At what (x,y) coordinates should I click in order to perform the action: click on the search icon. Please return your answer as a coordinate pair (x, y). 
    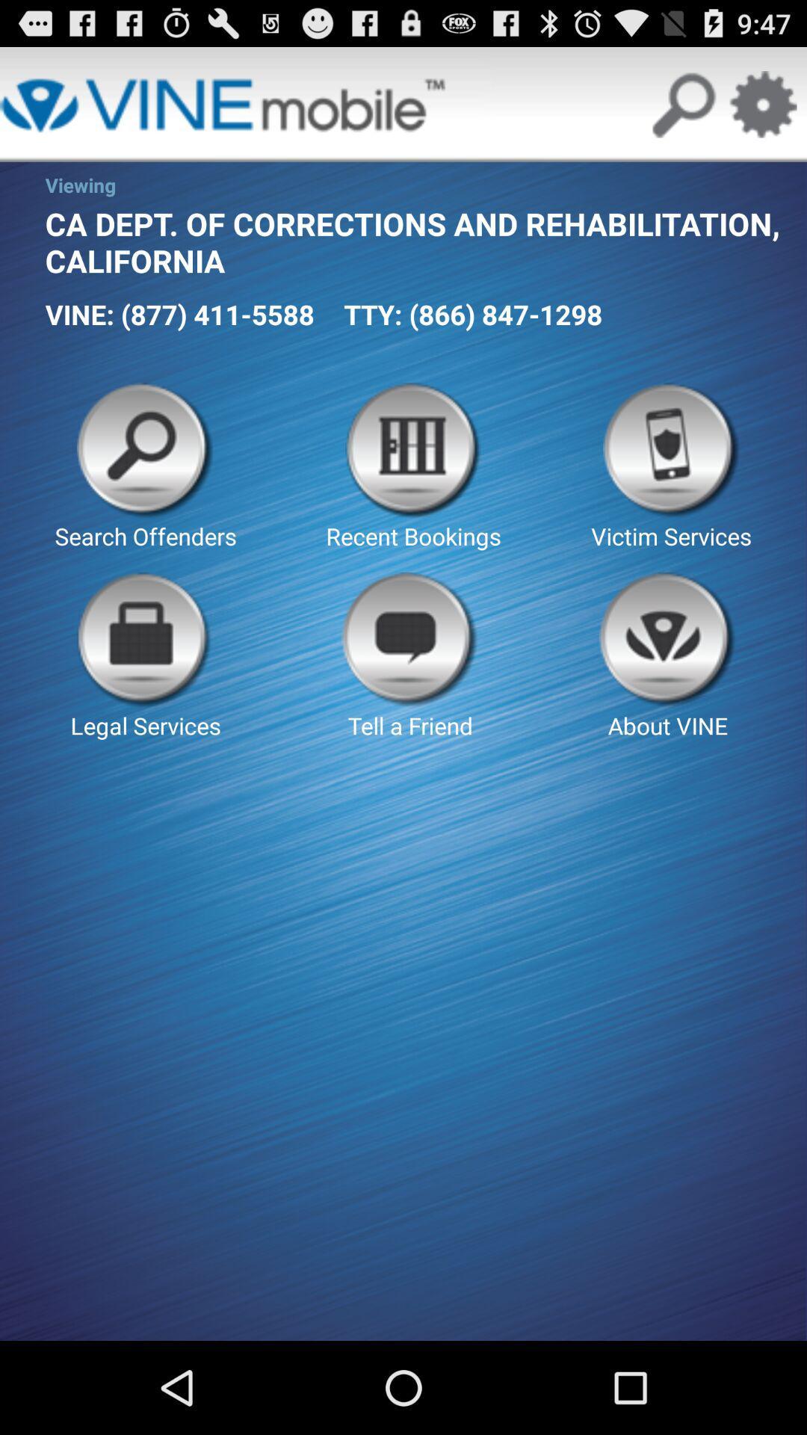
    Looking at the image, I should click on (683, 111).